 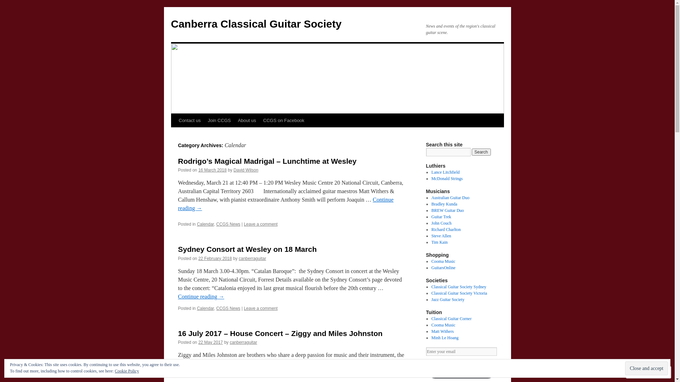 I want to click on 'Follow', so click(x=642, y=372).